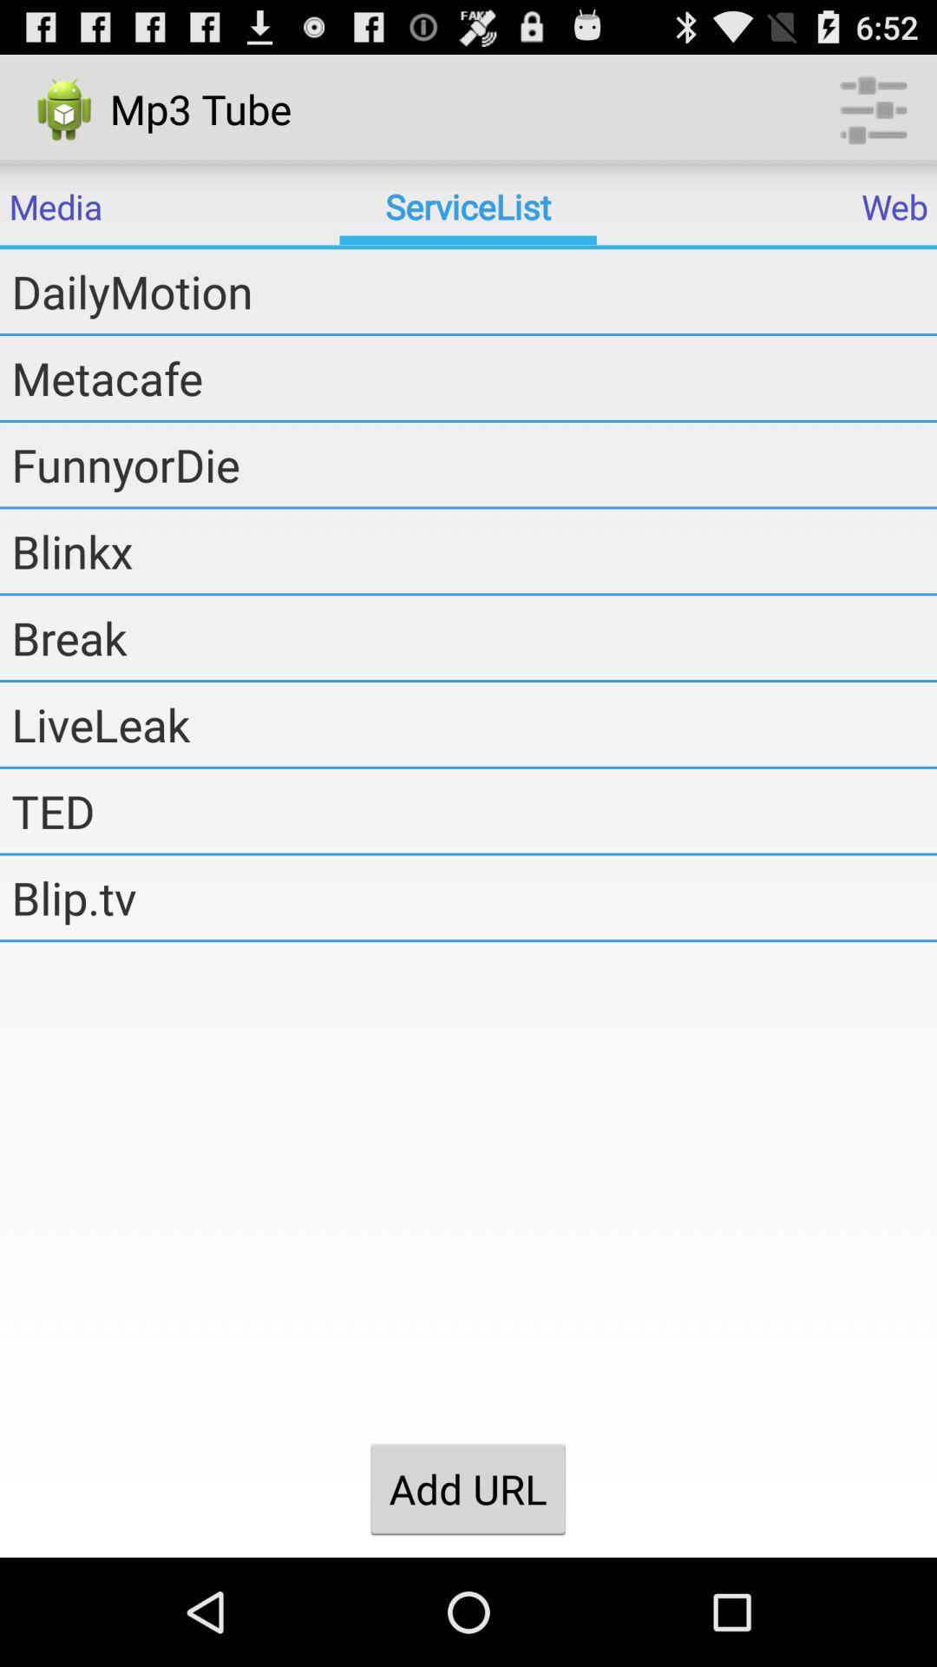 The width and height of the screenshot is (937, 1667). I want to click on the icon above the metacafe icon, so click(474, 291).